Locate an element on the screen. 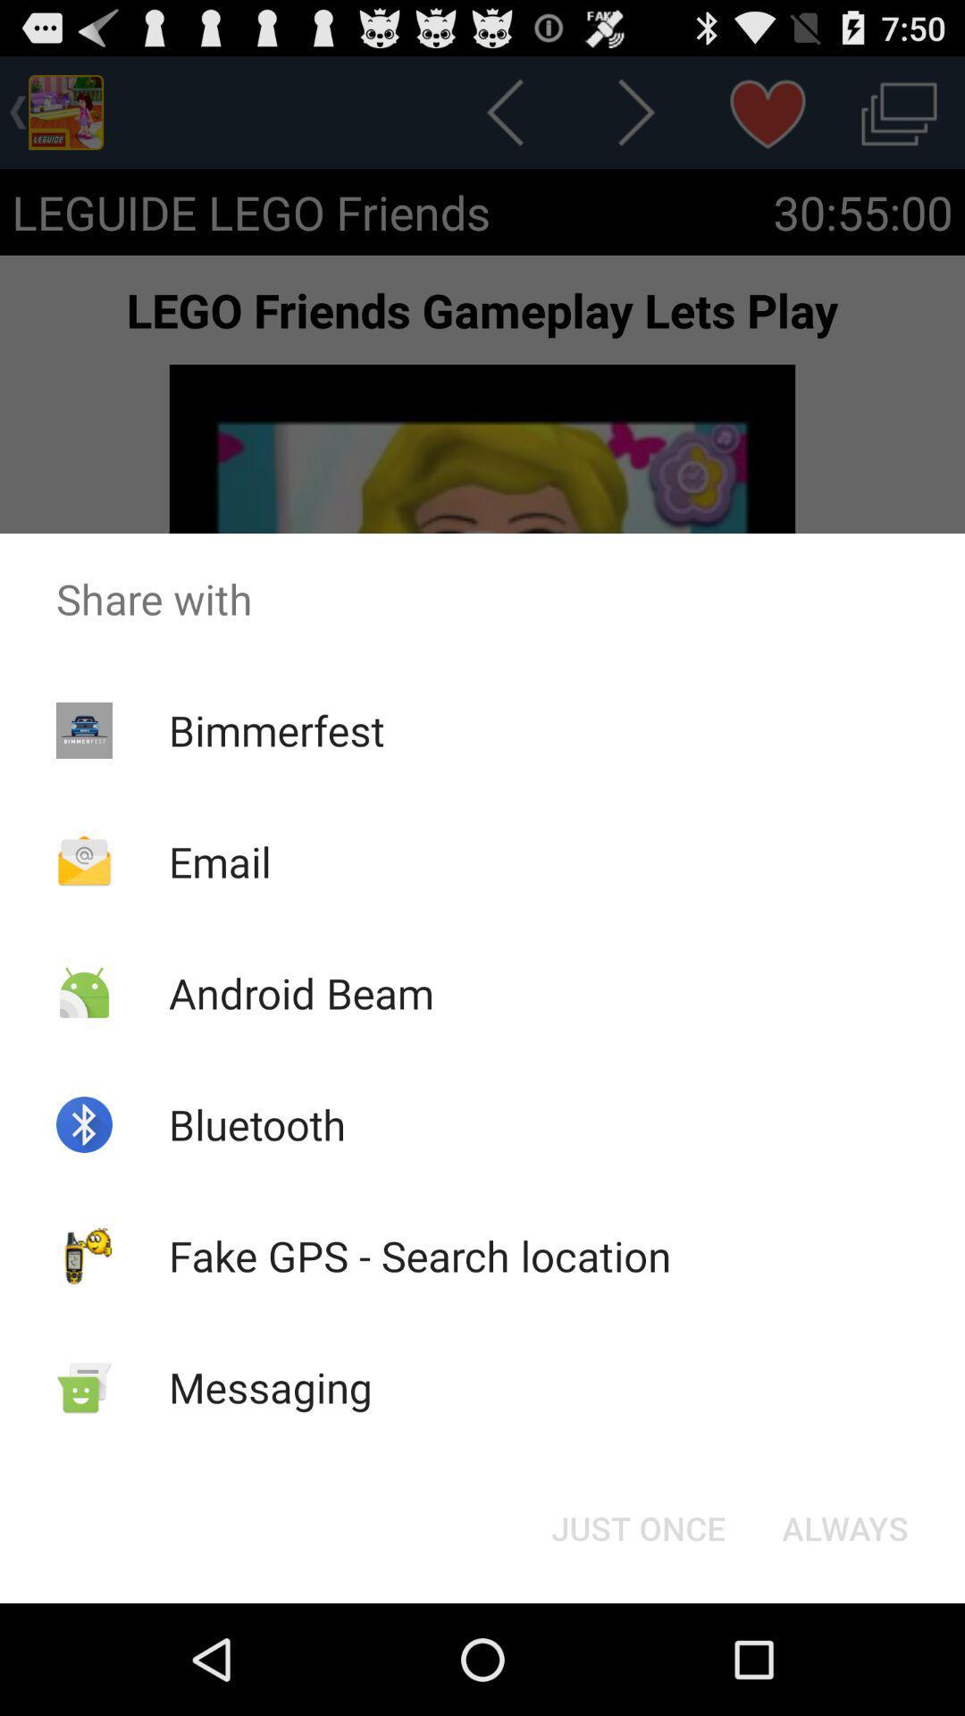 The image size is (965, 1716). the just once button is located at coordinates (637, 1527).